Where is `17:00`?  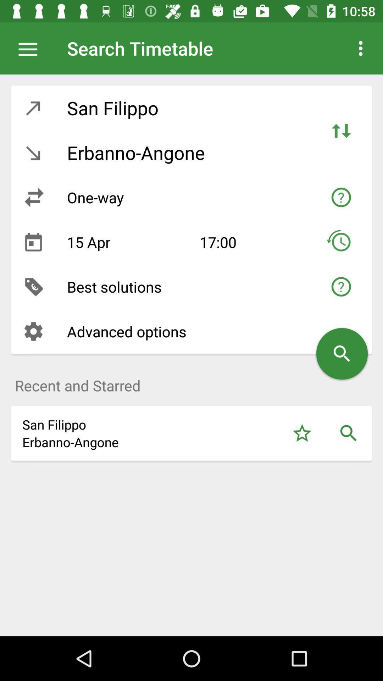 17:00 is located at coordinates (249, 242).